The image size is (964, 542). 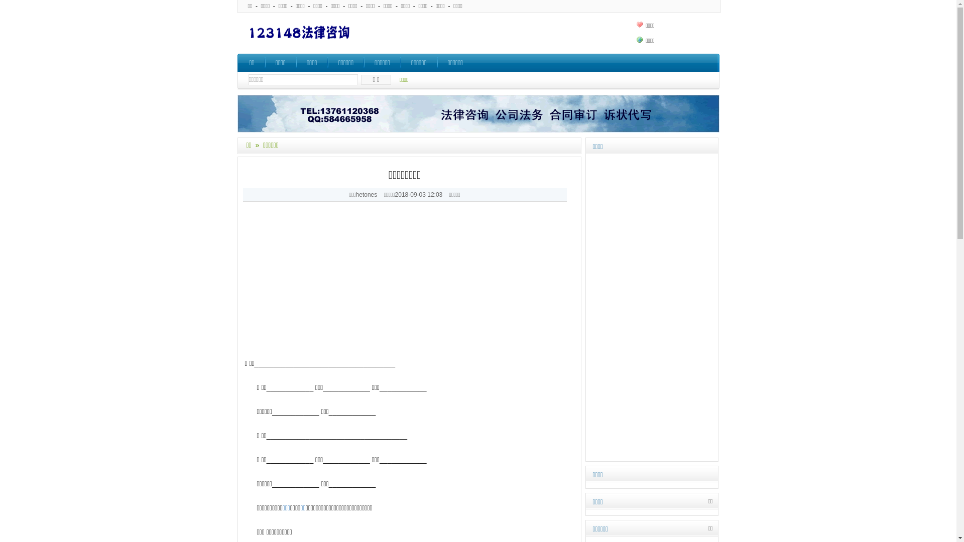 I want to click on 'Advertisement', so click(x=587, y=307).